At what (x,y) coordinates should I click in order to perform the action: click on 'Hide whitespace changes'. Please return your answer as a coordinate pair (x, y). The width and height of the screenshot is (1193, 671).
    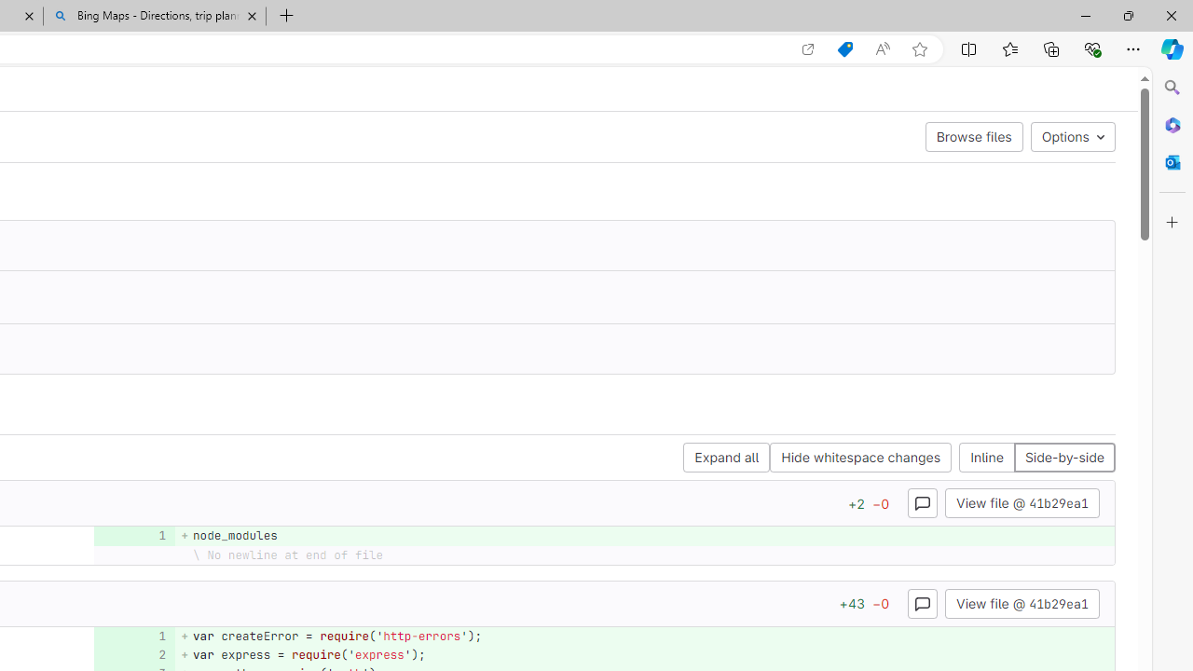
    Looking at the image, I should click on (859, 458).